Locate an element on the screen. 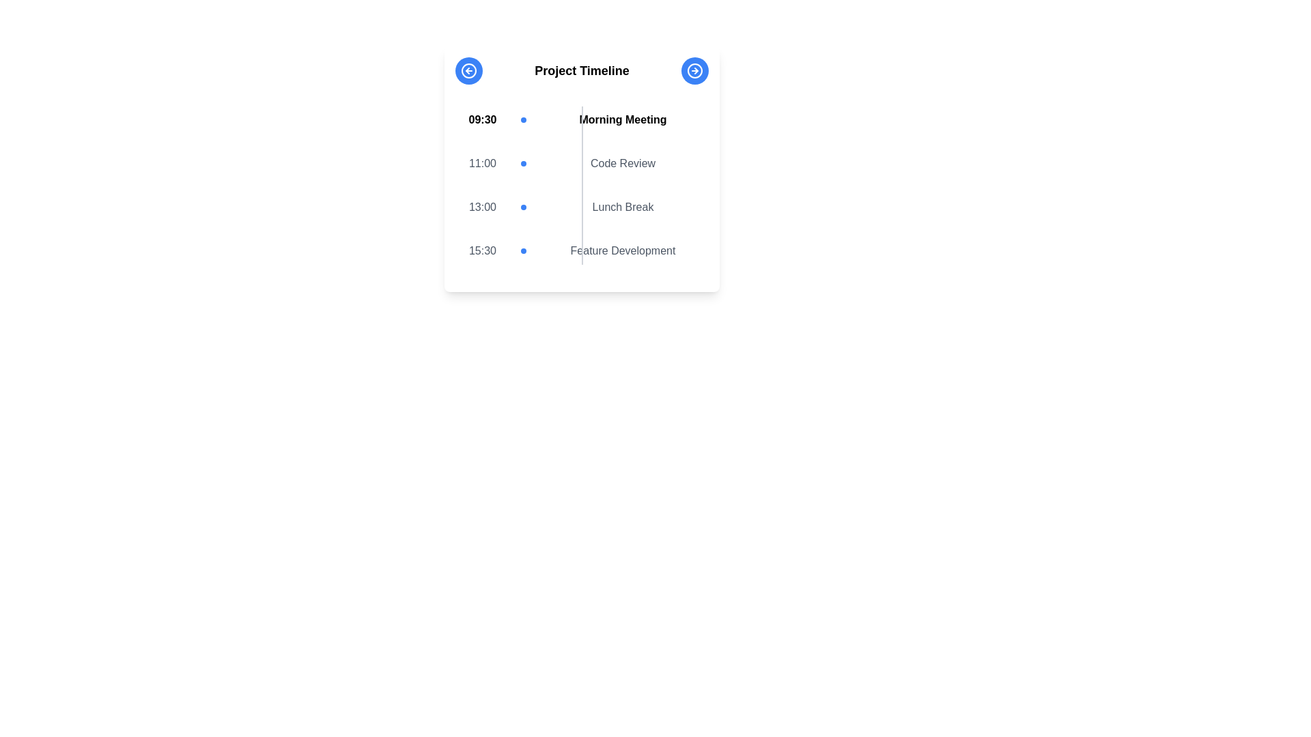  the circular icon-based button featuring a right-pointing arrow on a bright blue background is located at coordinates (694, 71).